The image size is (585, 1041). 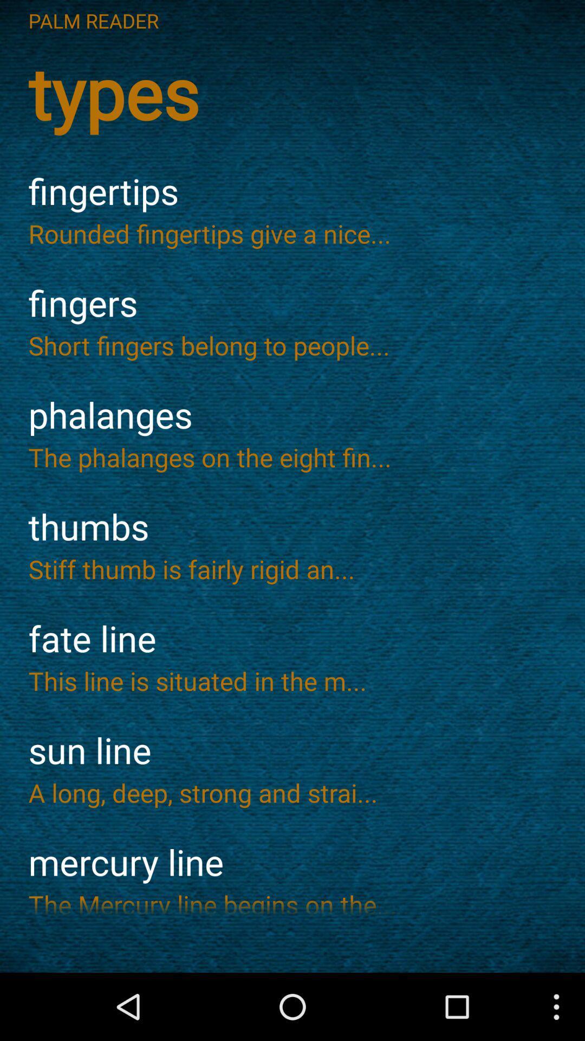 I want to click on item above the sun line app, so click(x=292, y=680).